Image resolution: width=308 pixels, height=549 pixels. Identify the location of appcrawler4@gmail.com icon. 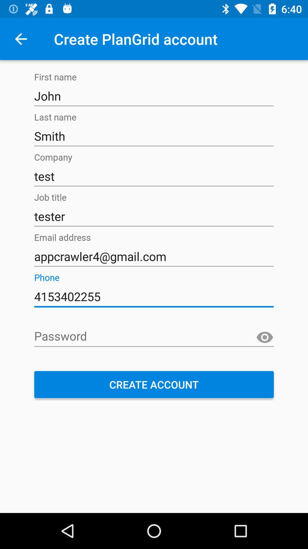
(154, 256).